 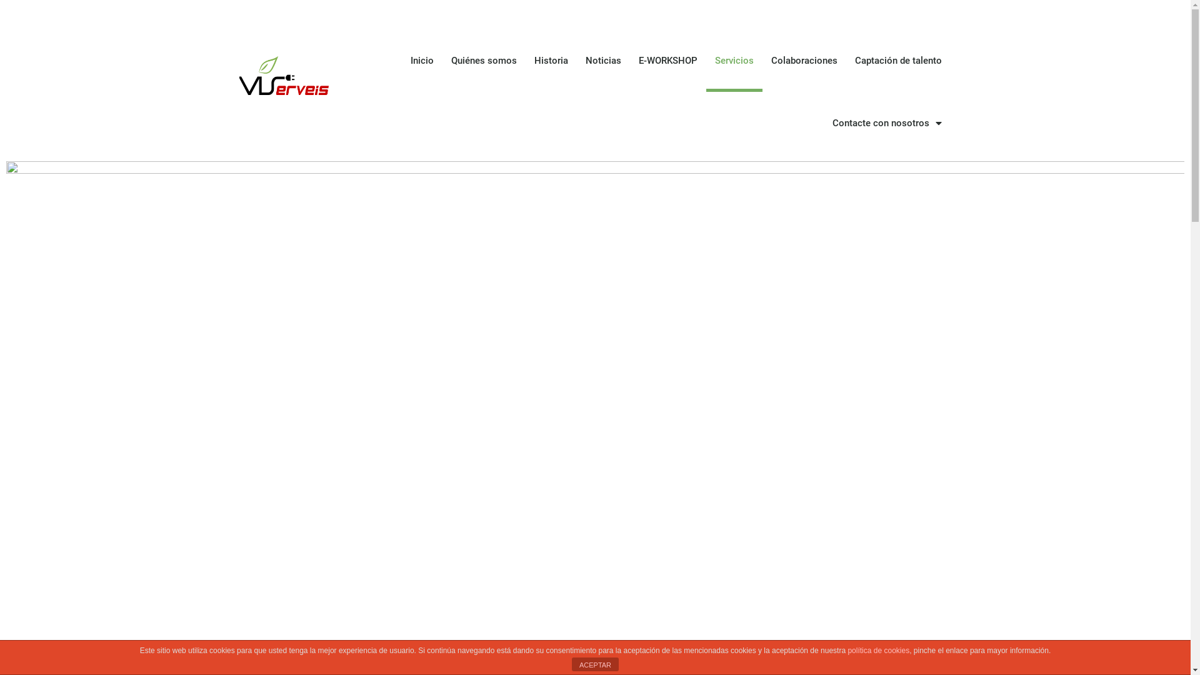 I want to click on 'Contacte con nosotros', so click(x=886, y=122).